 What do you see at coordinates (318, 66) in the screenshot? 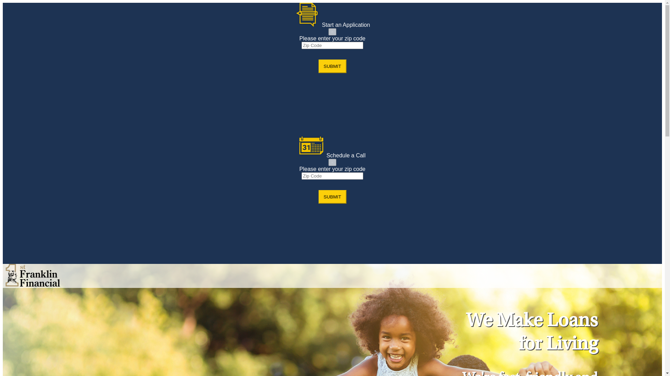
I see `'SUBMIT'` at bounding box center [318, 66].